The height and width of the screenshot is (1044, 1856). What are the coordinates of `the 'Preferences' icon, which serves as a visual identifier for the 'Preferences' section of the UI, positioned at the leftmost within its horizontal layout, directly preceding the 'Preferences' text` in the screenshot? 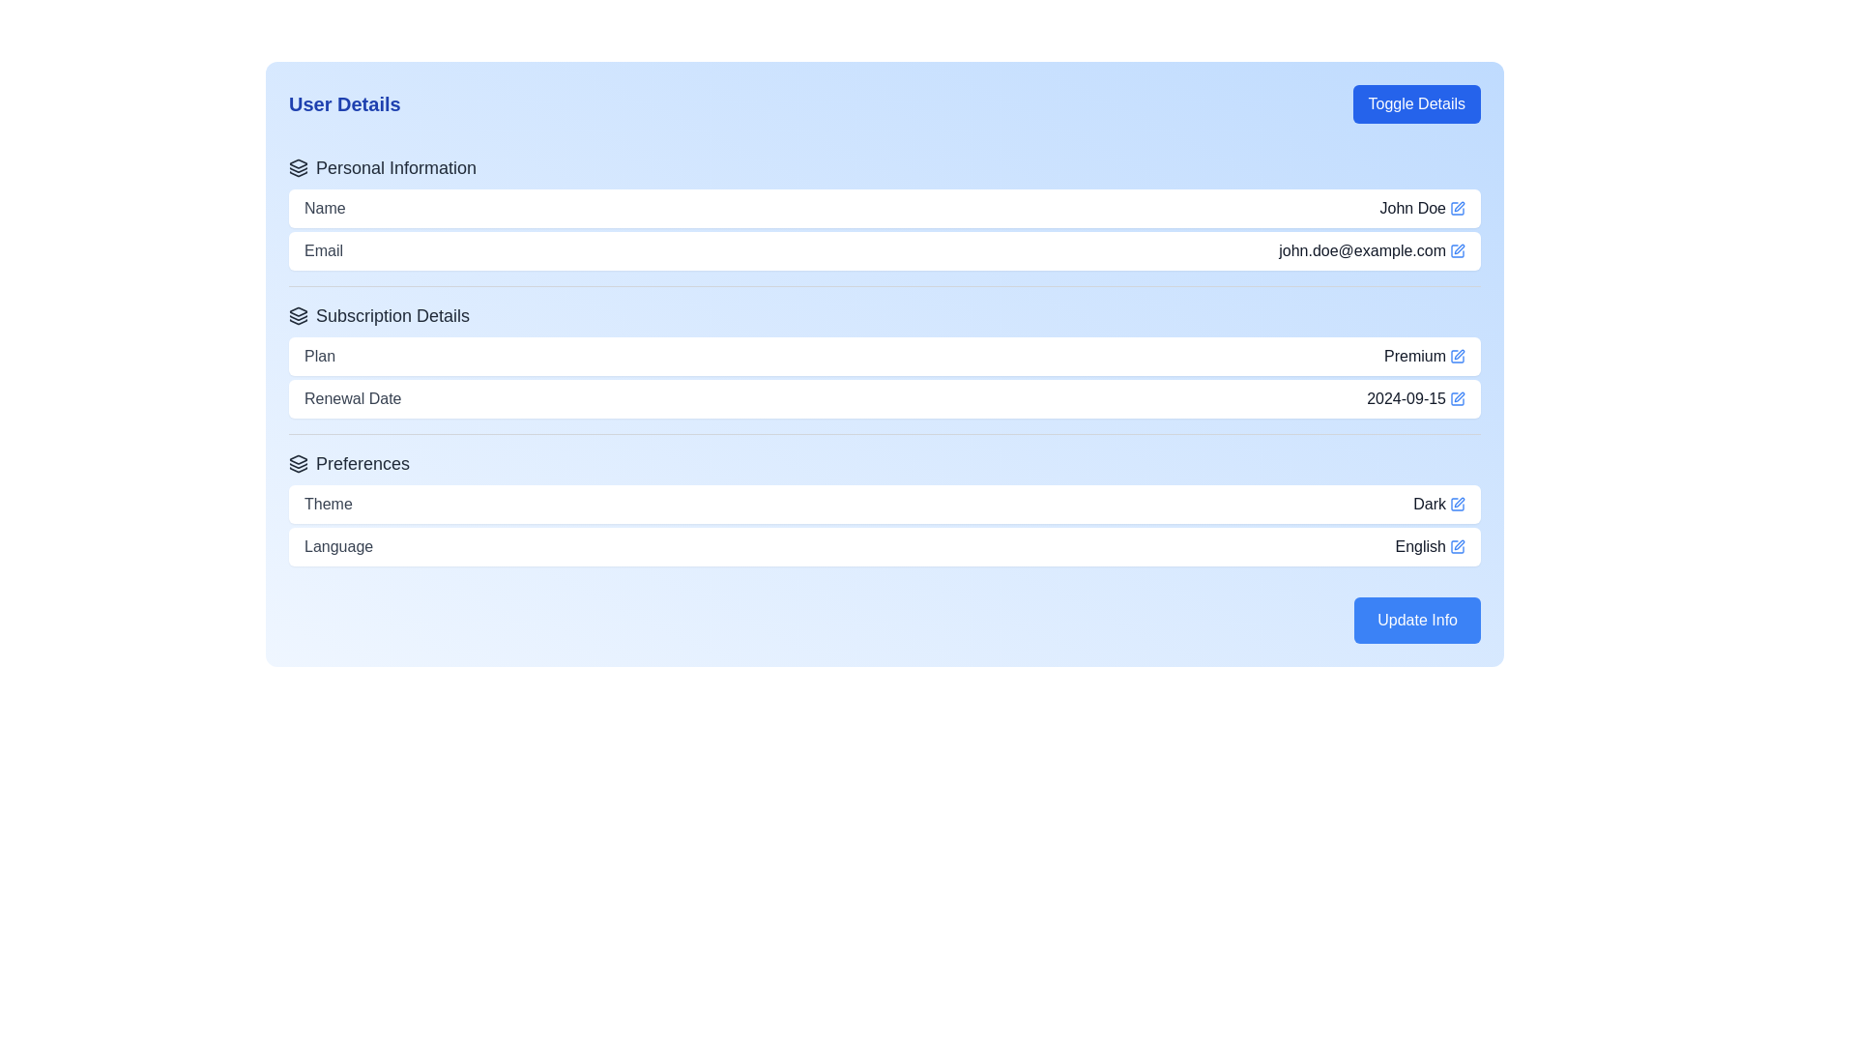 It's located at (297, 463).